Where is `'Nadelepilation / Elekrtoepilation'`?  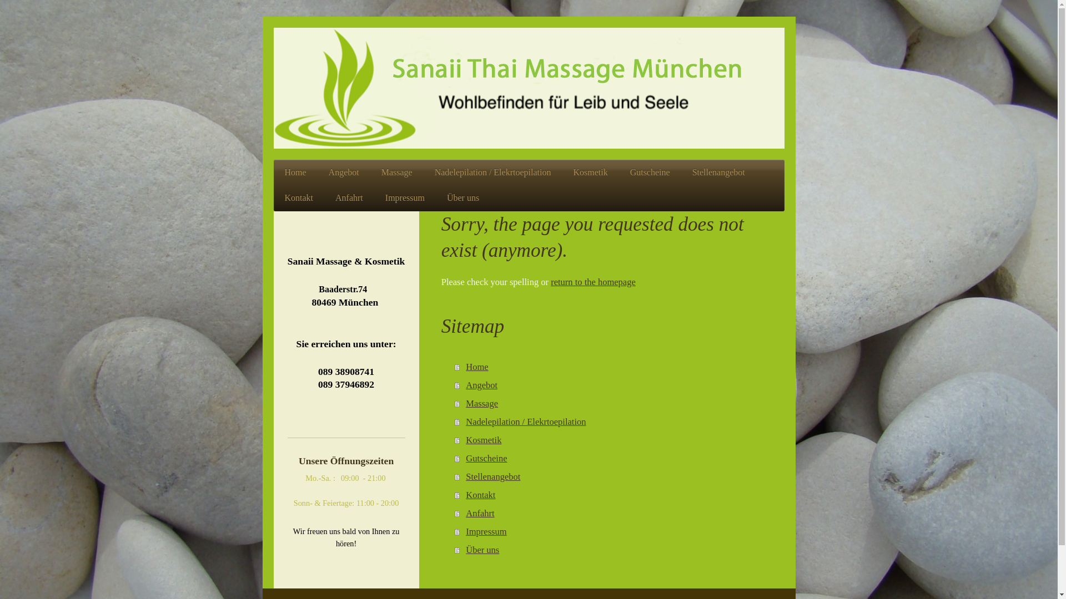 'Nadelepilation / Elekrtoepilation' is located at coordinates (492, 172).